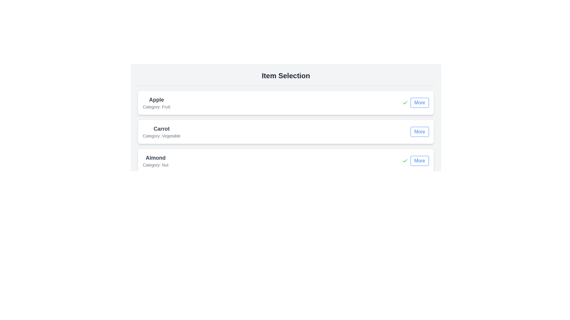 Image resolution: width=570 pixels, height=320 pixels. Describe the element at coordinates (156, 99) in the screenshot. I see `the label that identifies the topmost selectable item in the categorized list, positioned above the text 'Category: Fruit'` at that location.